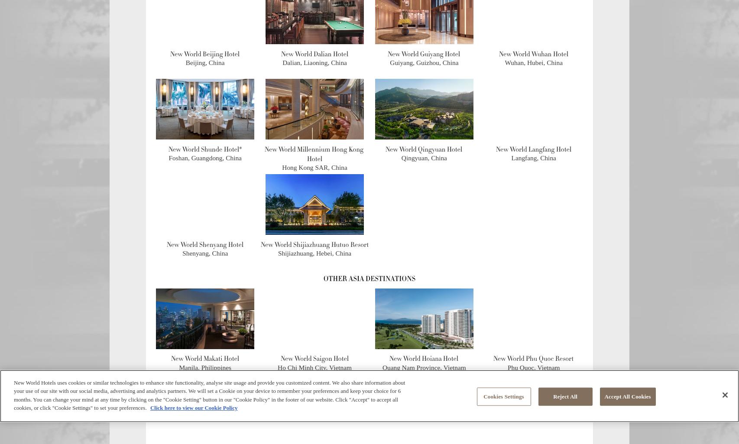 The height and width of the screenshot is (444, 739). What do you see at coordinates (533, 157) in the screenshot?
I see `'Langfang, China'` at bounding box center [533, 157].